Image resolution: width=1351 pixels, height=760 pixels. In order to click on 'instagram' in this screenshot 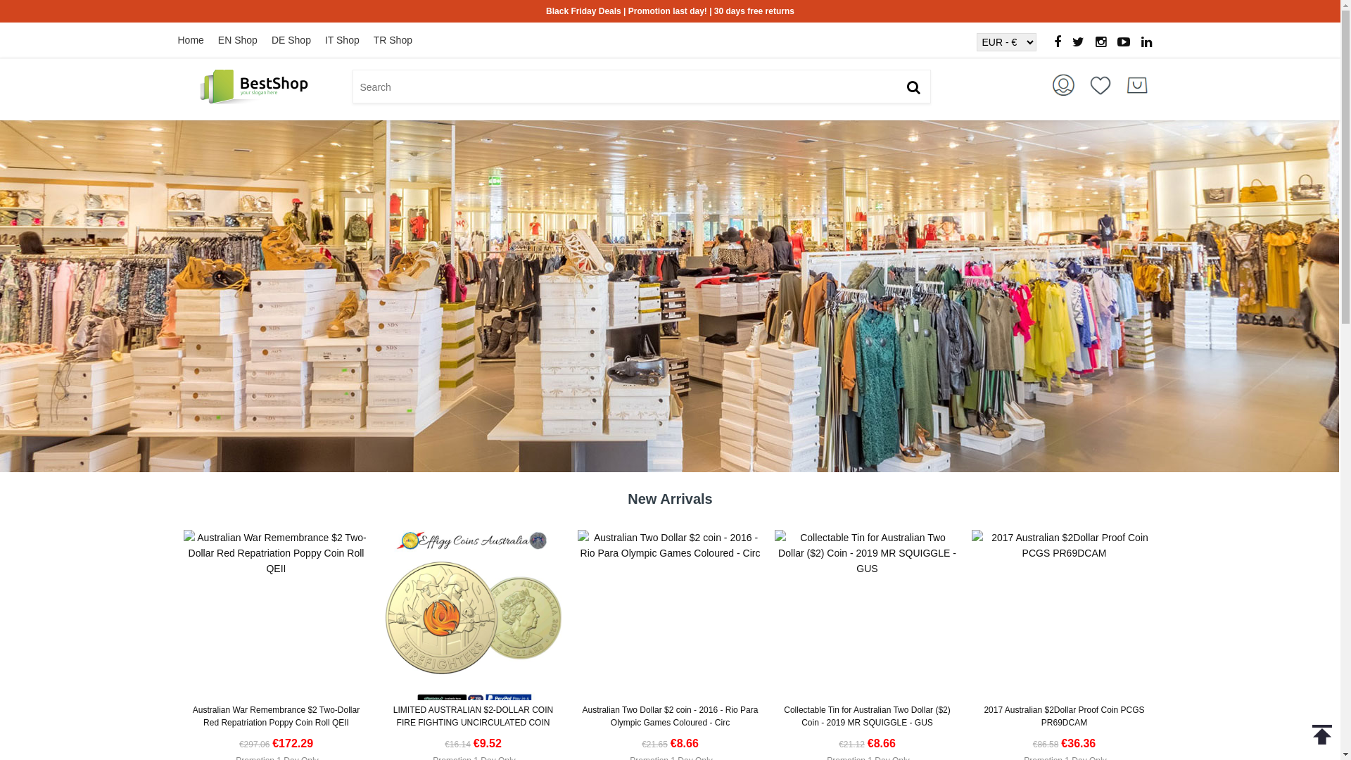, I will do `click(1100, 42)`.